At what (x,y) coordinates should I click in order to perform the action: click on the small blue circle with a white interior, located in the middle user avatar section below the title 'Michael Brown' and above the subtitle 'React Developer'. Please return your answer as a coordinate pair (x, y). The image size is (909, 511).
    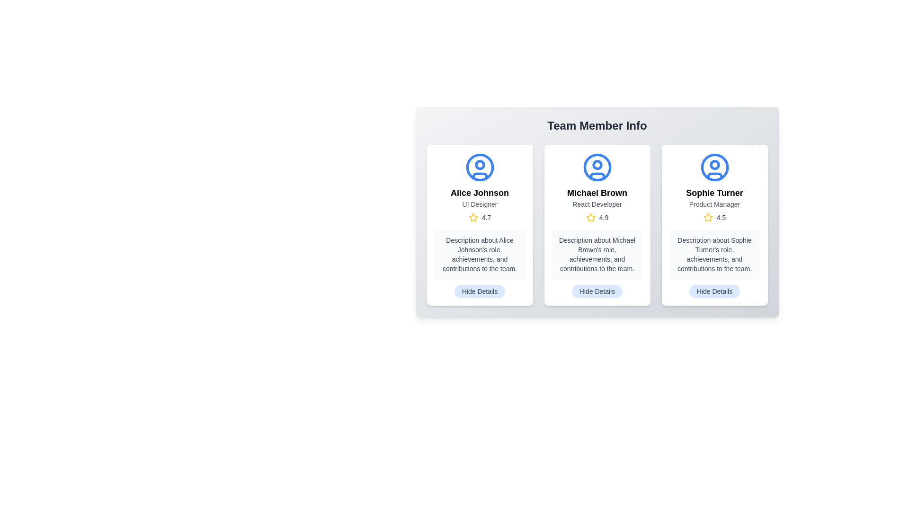
    Looking at the image, I should click on (597, 164).